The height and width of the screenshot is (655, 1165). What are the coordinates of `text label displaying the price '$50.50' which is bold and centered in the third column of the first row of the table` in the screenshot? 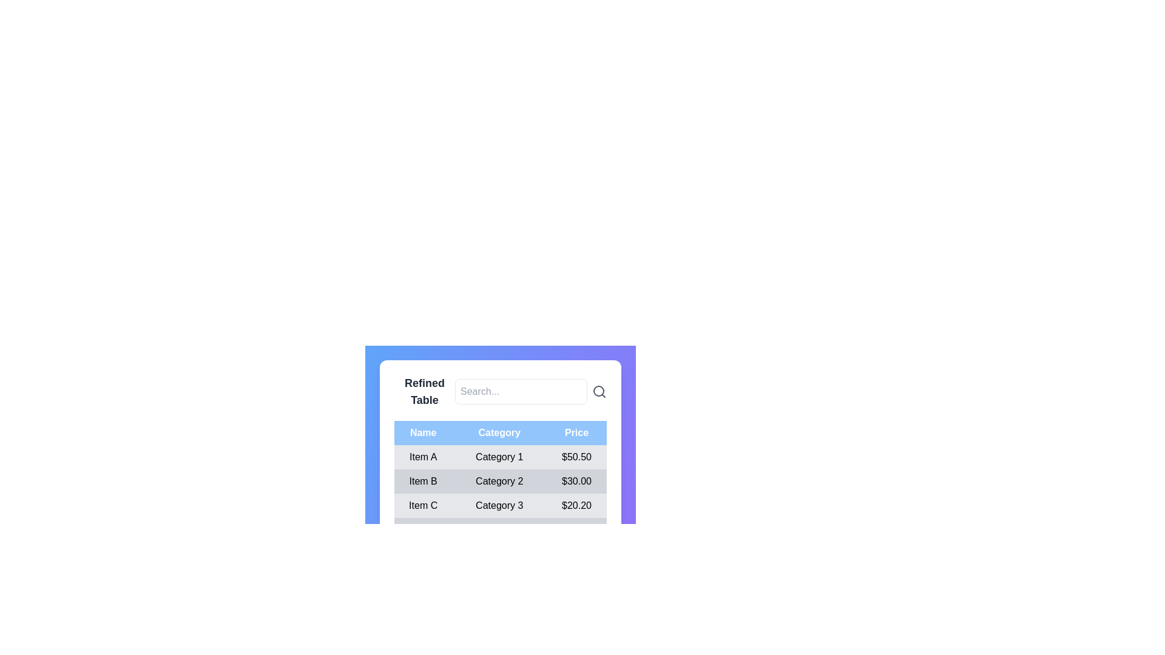 It's located at (576, 457).